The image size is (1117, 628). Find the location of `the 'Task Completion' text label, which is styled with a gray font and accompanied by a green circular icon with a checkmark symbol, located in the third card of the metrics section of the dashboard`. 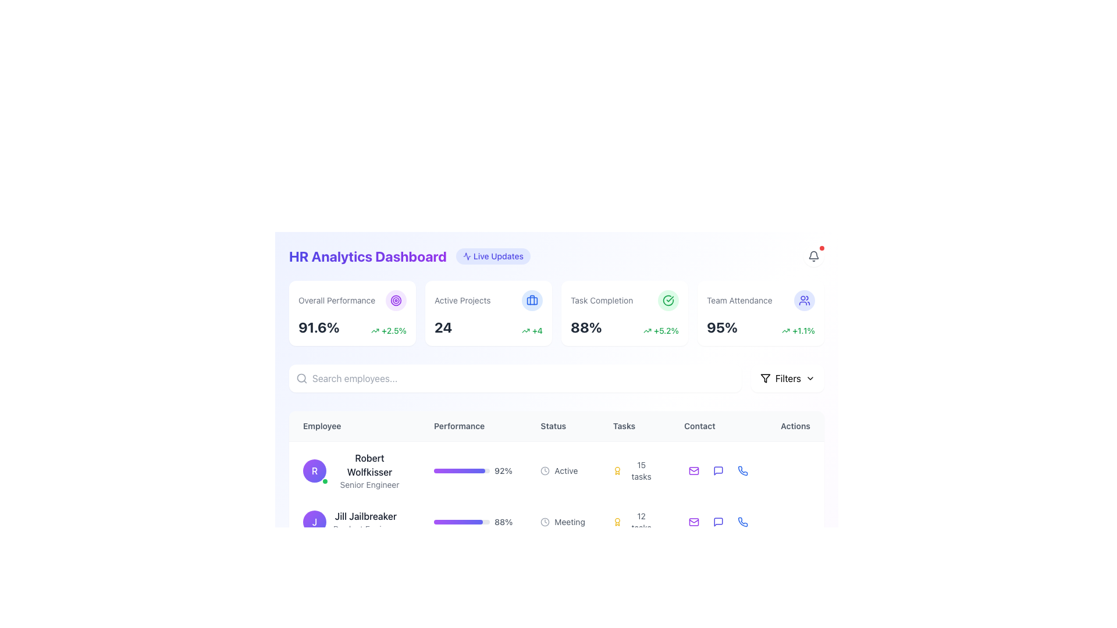

the 'Task Completion' text label, which is styled with a gray font and accompanied by a green circular icon with a checkmark symbol, located in the third card of the metrics section of the dashboard is located at coordinates (624, 299).